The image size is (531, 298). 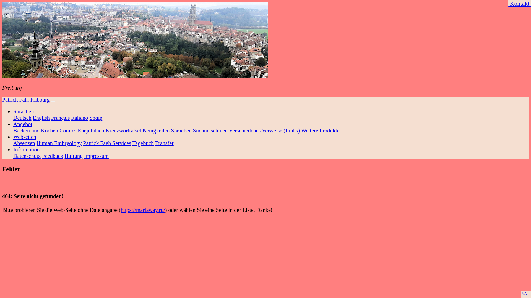 I want to click on 'Datenschutz', so click(x=27, y=156).